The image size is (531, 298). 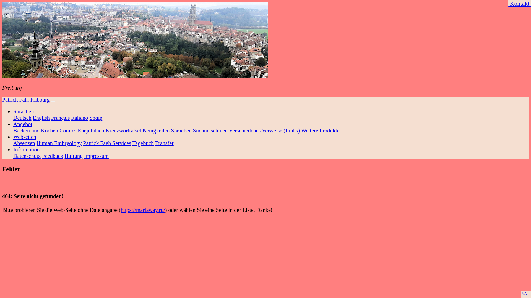 I want to click on 'Datenschutz', so click(x=27, y=156).